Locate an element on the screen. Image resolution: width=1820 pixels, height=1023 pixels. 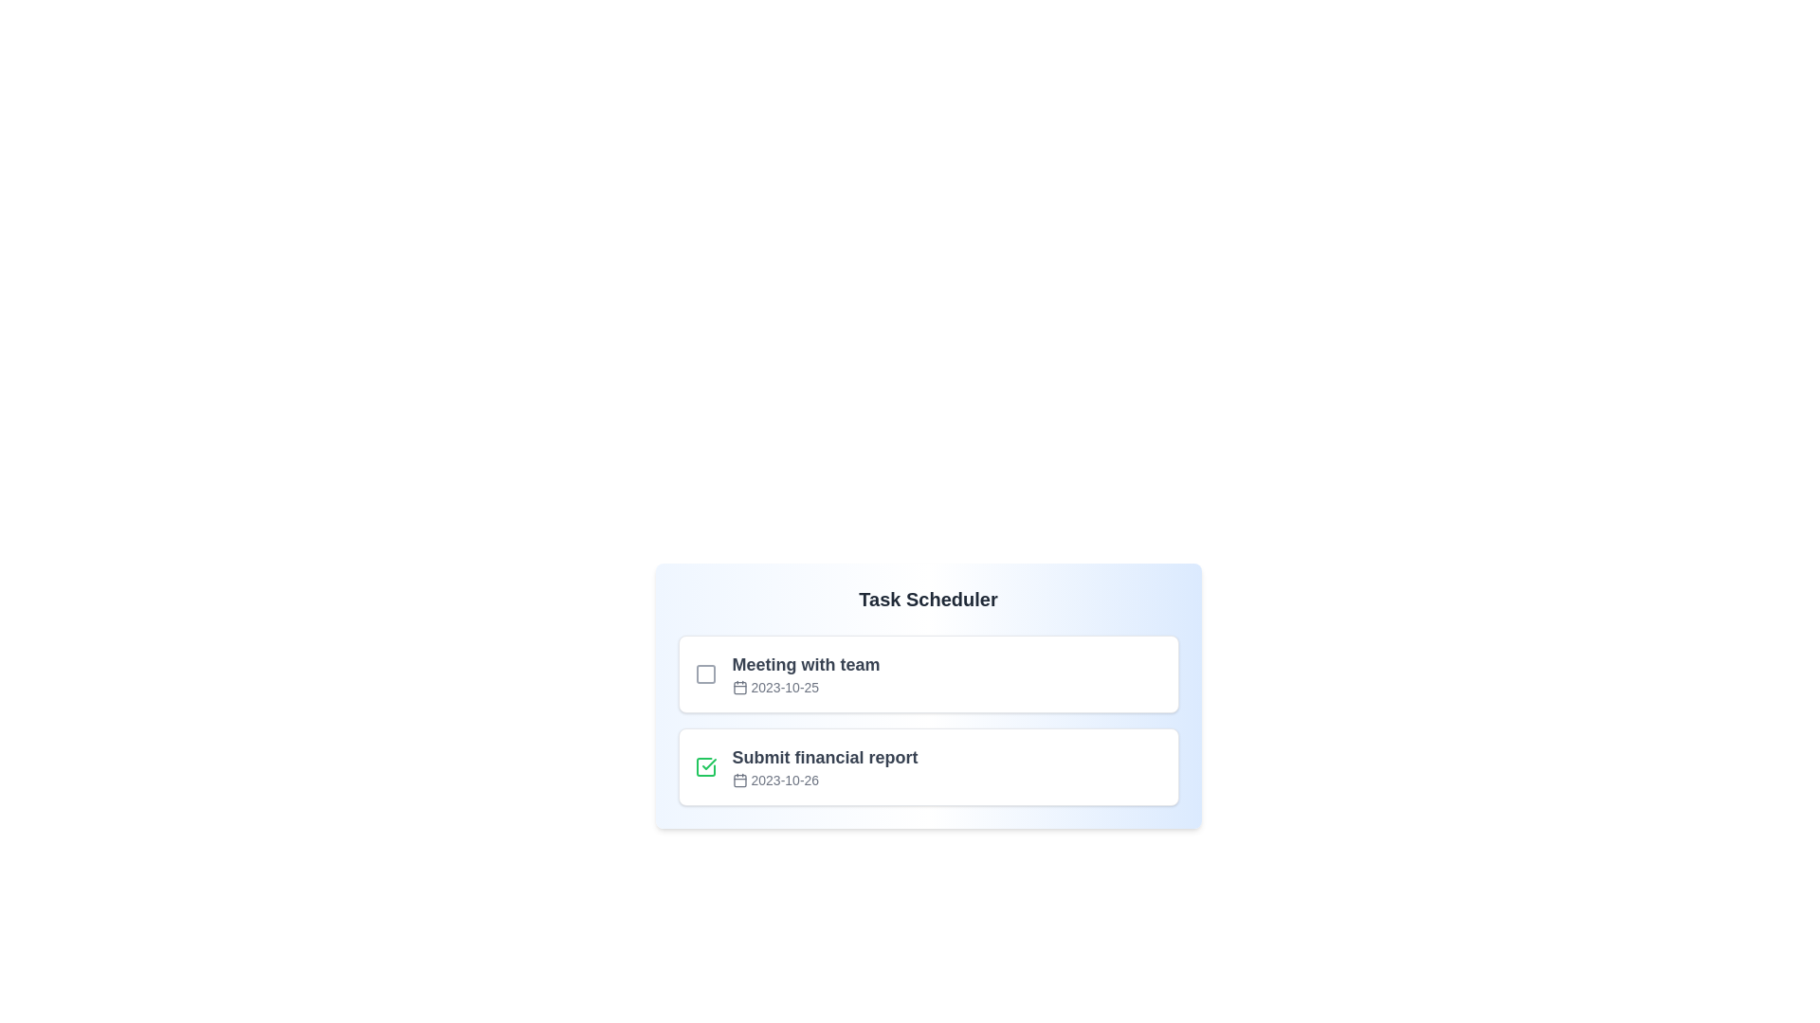
the small square icon with rounded corners that is part of the task 'Meeting with Team' in the task scheduler interface is located at coordinates (704, 673).